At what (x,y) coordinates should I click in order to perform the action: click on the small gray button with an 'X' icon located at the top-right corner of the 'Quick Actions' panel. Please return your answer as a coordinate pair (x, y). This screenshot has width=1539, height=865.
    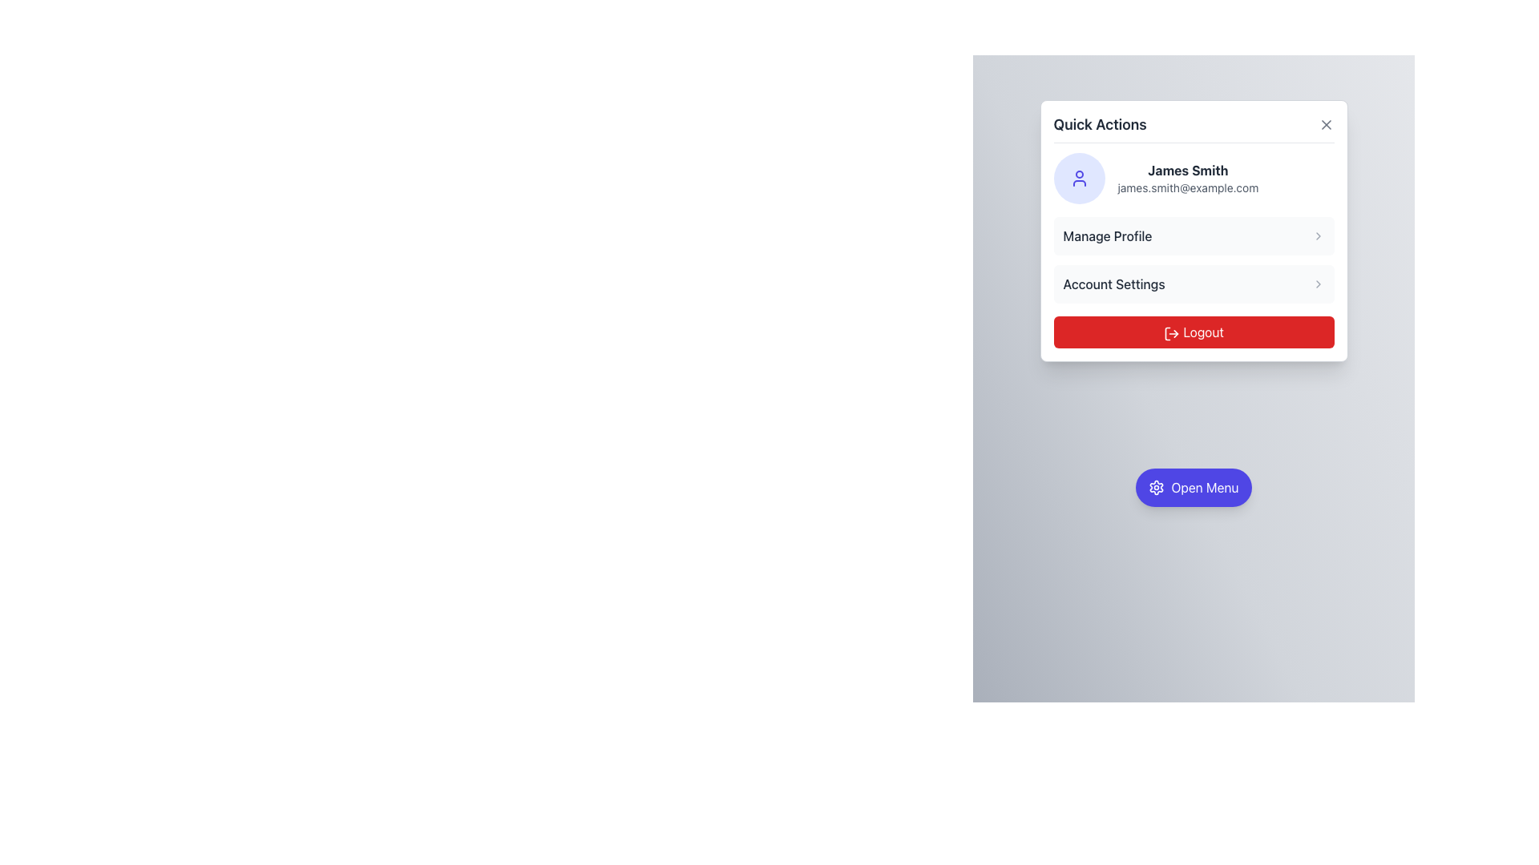
    Looking at the image, I should click on (1326, 123).